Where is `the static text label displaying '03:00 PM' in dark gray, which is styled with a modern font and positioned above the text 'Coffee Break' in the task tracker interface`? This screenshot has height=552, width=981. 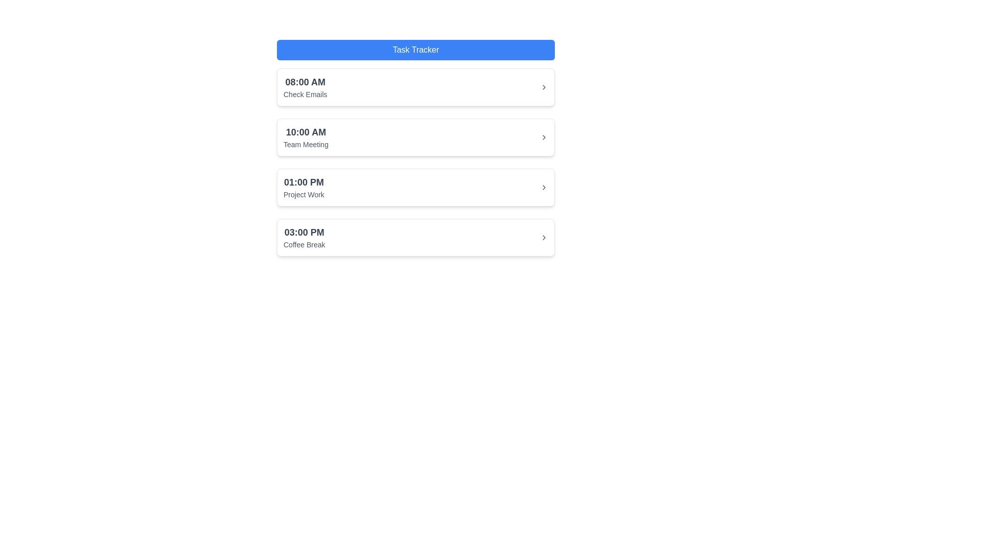
the static text label displaying '03:00 PM' in dark gray, which is styled with a modern font and positioned above the text 'Coffee Break' in the task tracker interface is located at coordinates (303, 233).